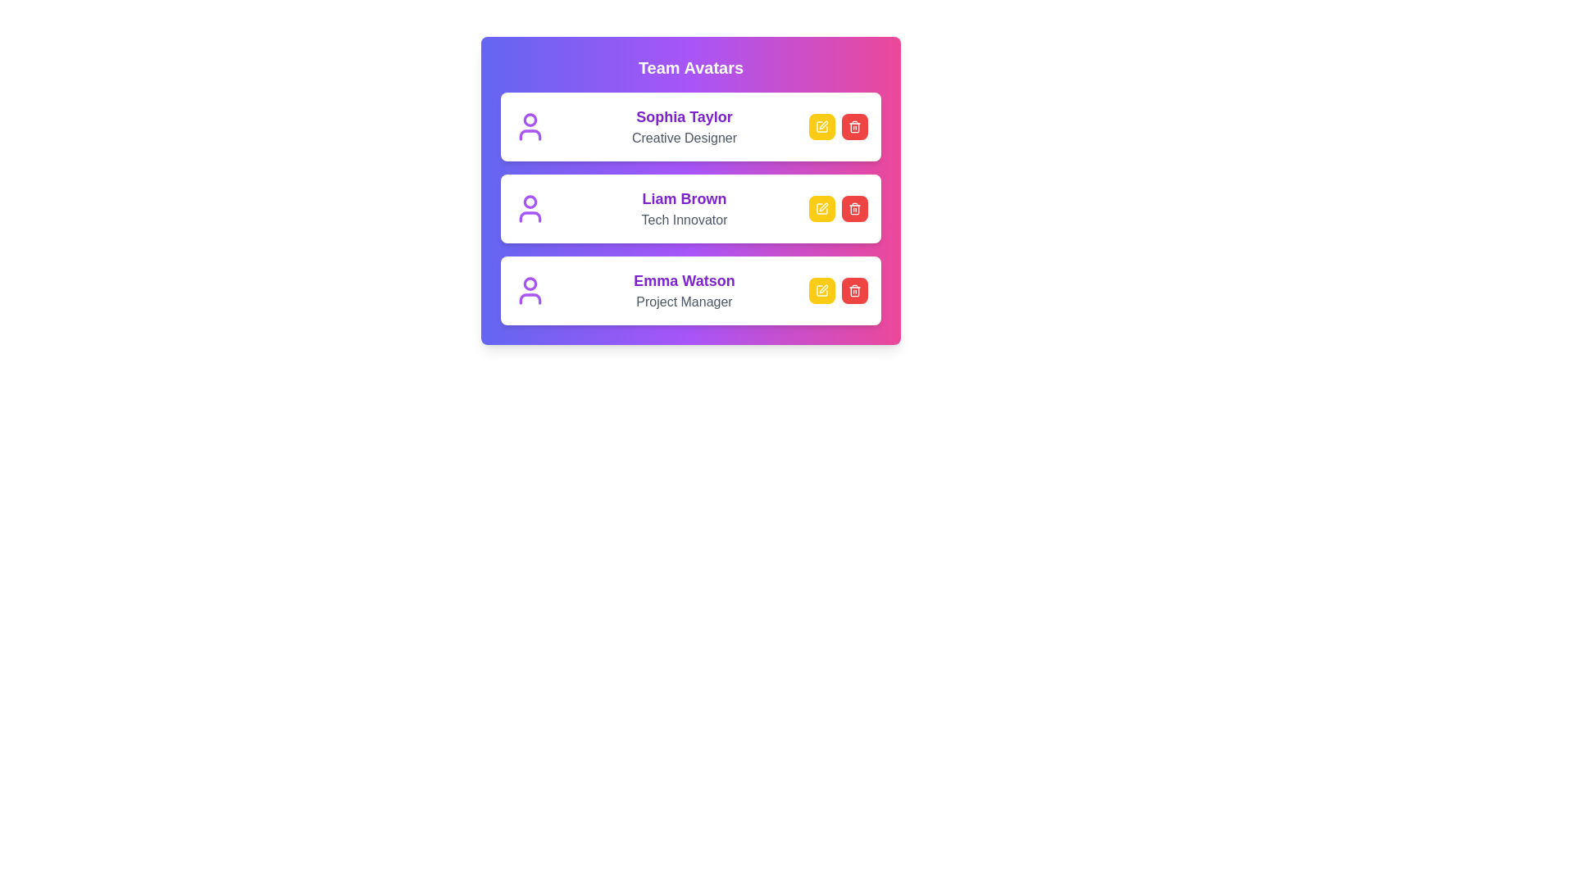 This screenshot has height=885, width=1574. Describe the element at coordinates (853, 207) in the screenshot. I see `the trash icon button with a bold red background, located at the rightmost portion of the action button group for 'Liam Brown'` at that location.